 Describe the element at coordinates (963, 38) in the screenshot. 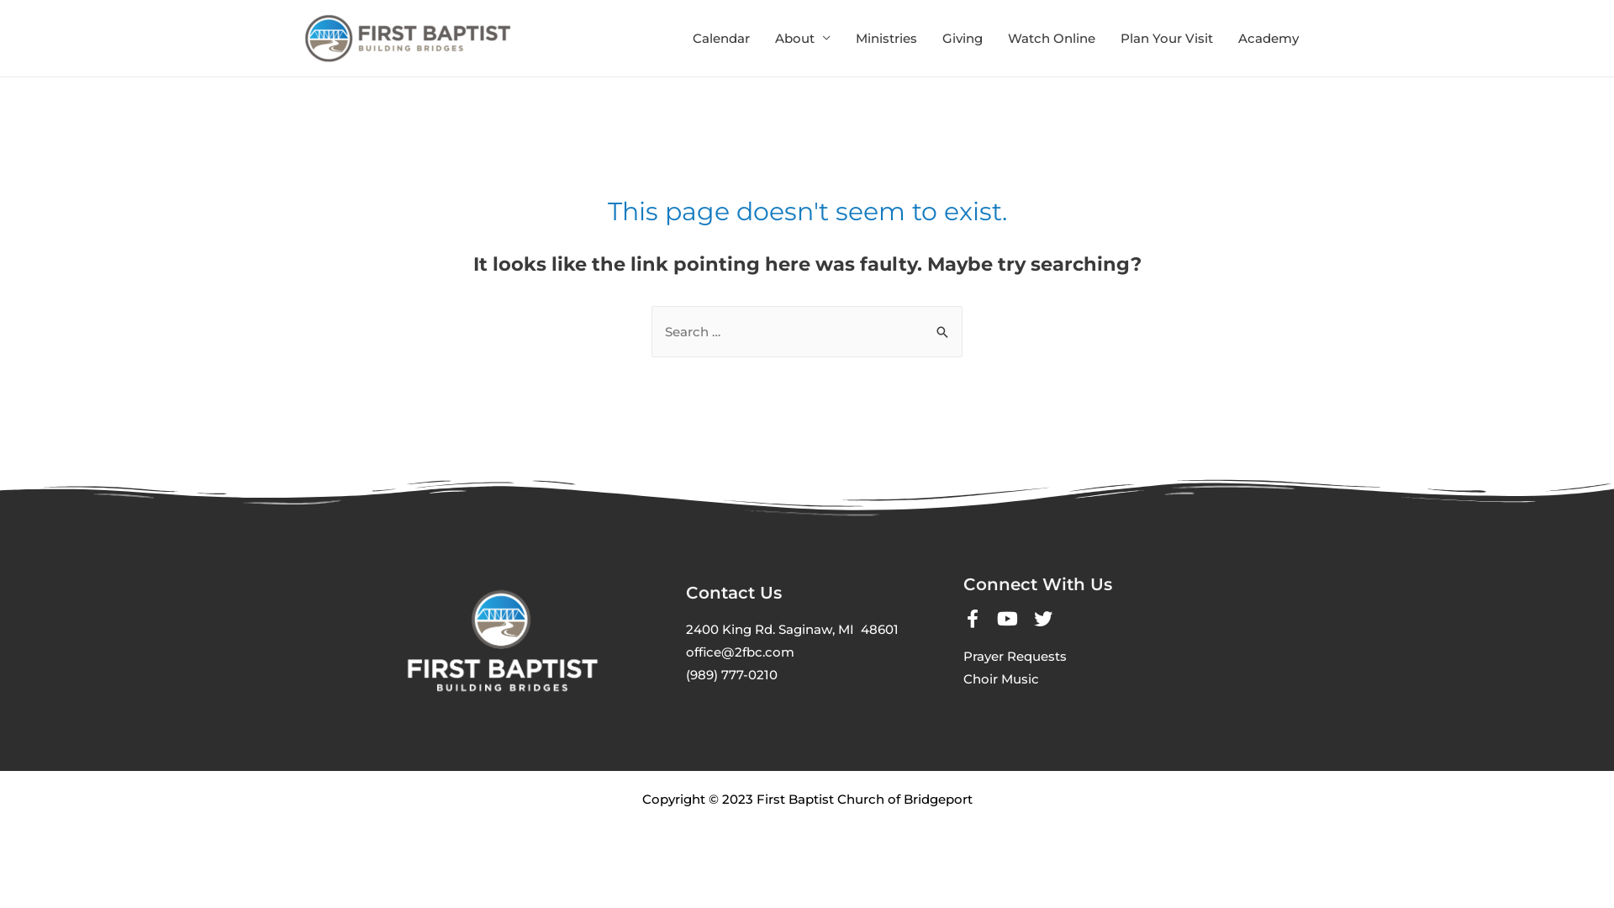

I see `'Giving'` at that location.